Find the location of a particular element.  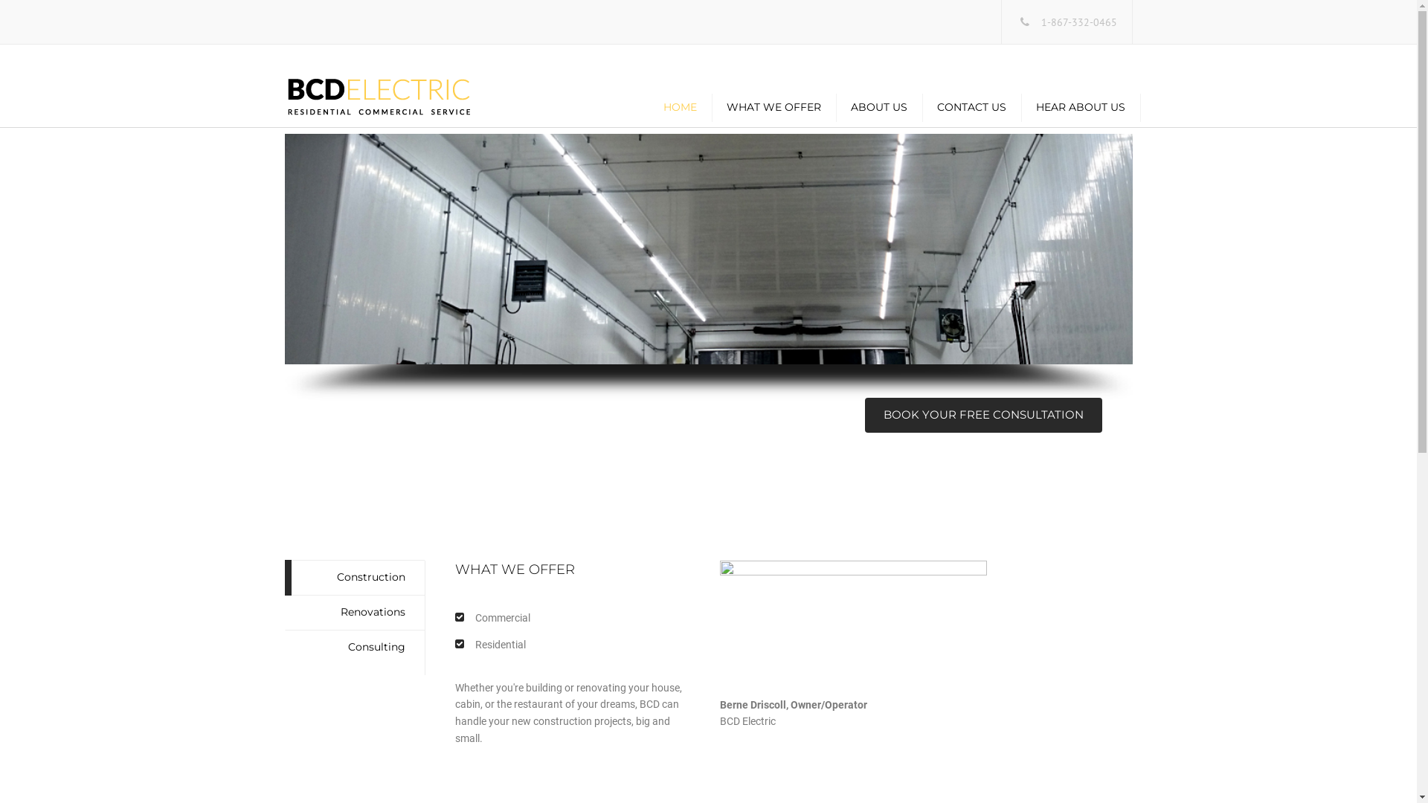

'HEAR ABOUT US' is located at coordinates (1080, 106).